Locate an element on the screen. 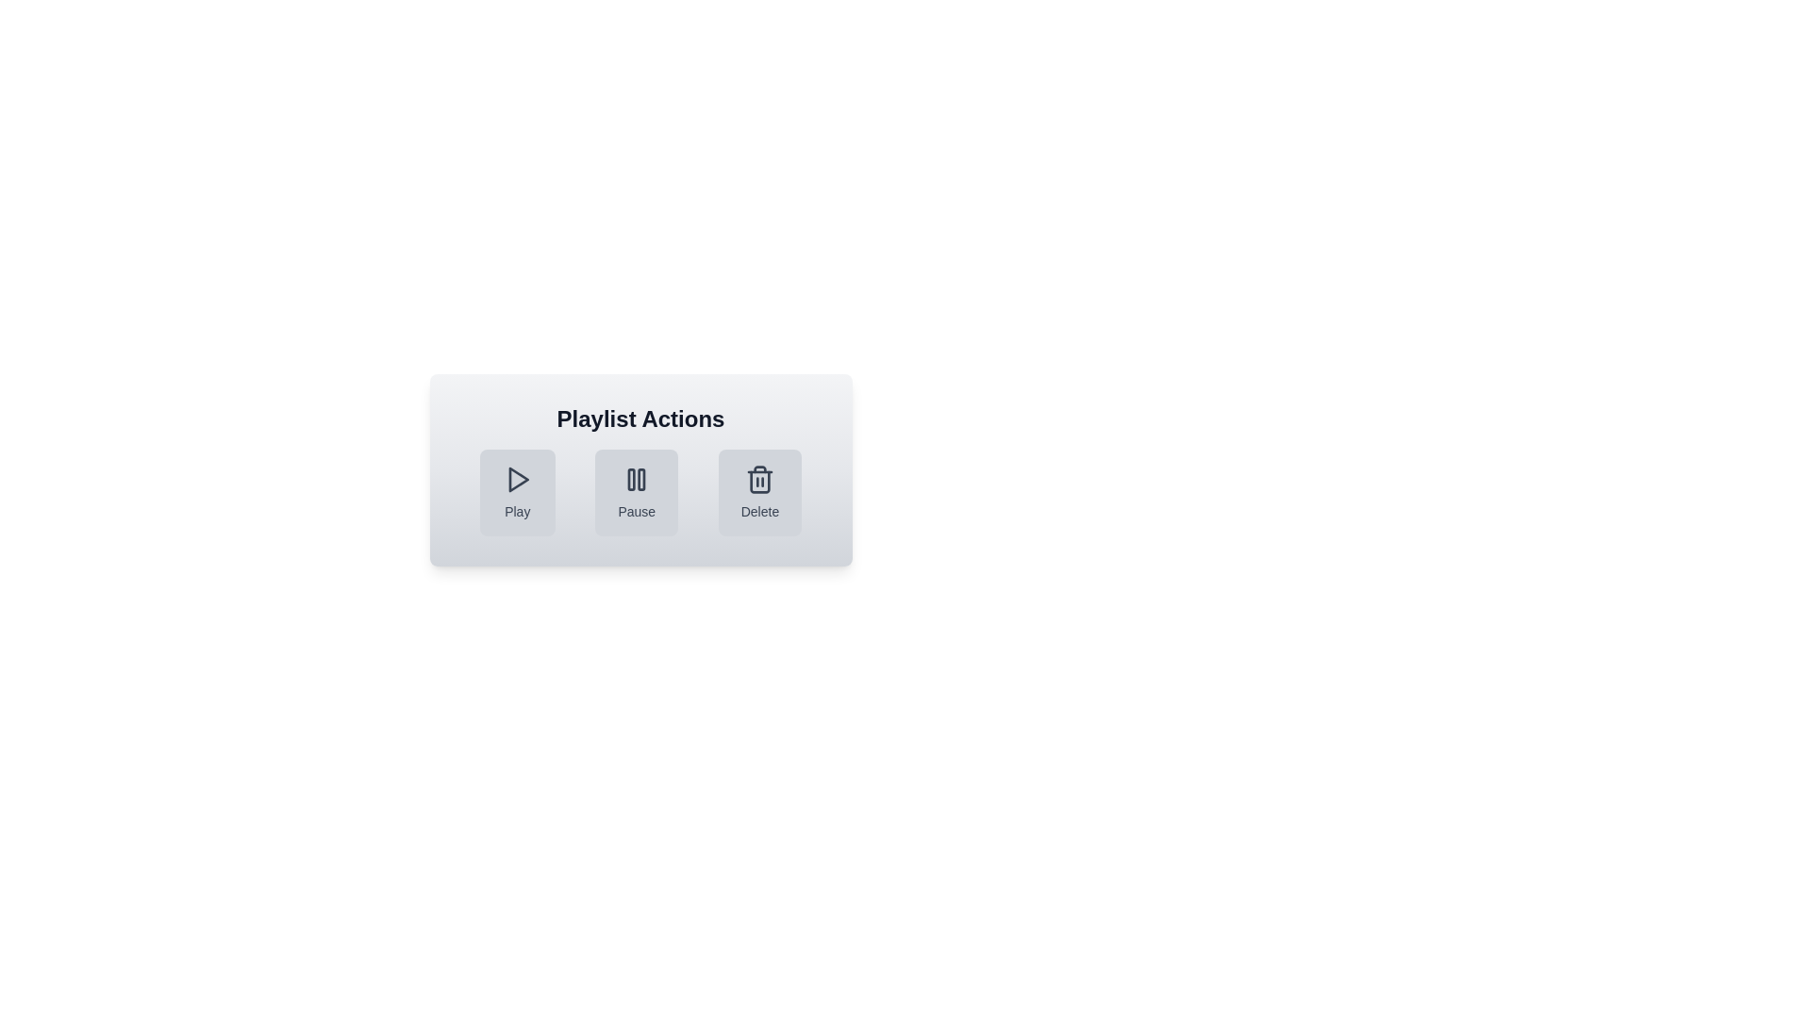 This screenshot has height=1018, width=1811. the Pause button to perform the corresponding action is located at coordinates (637, 492).